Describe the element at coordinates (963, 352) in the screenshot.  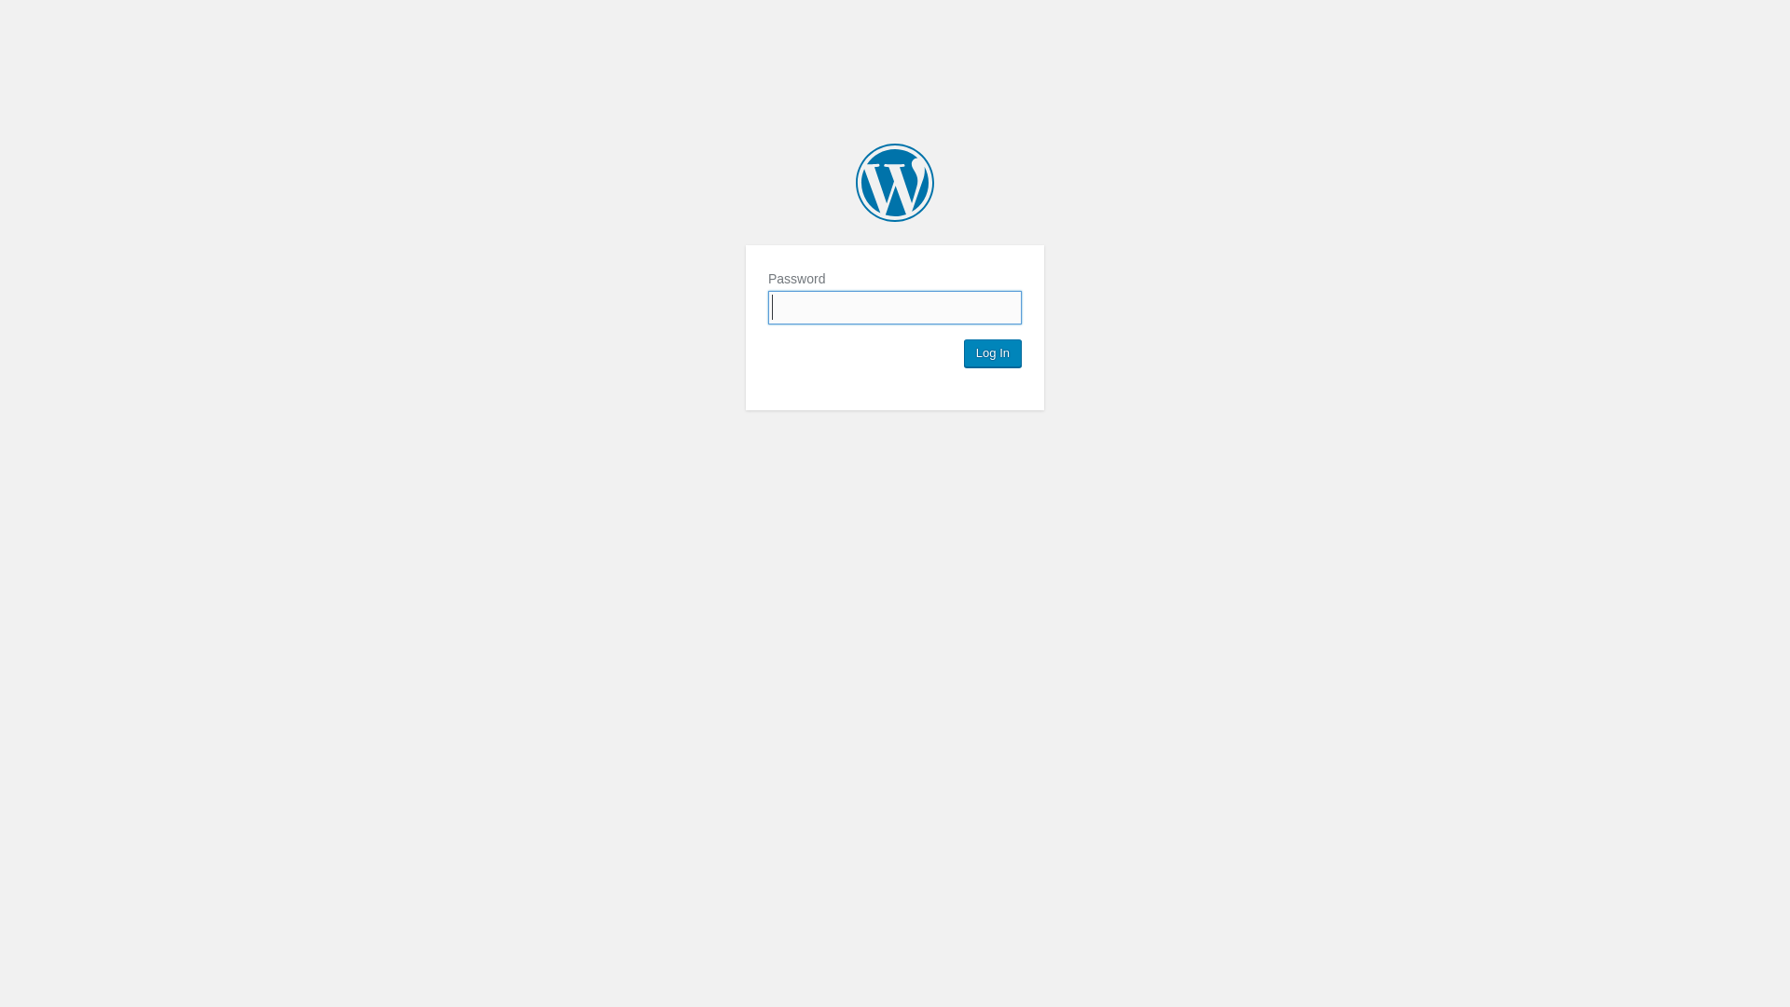
I see `'Log In'` at that location.